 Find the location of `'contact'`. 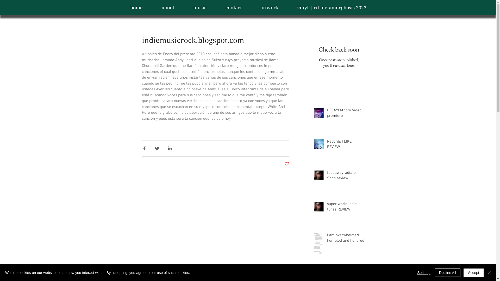

'contact' is located at coordinates (233, 8).